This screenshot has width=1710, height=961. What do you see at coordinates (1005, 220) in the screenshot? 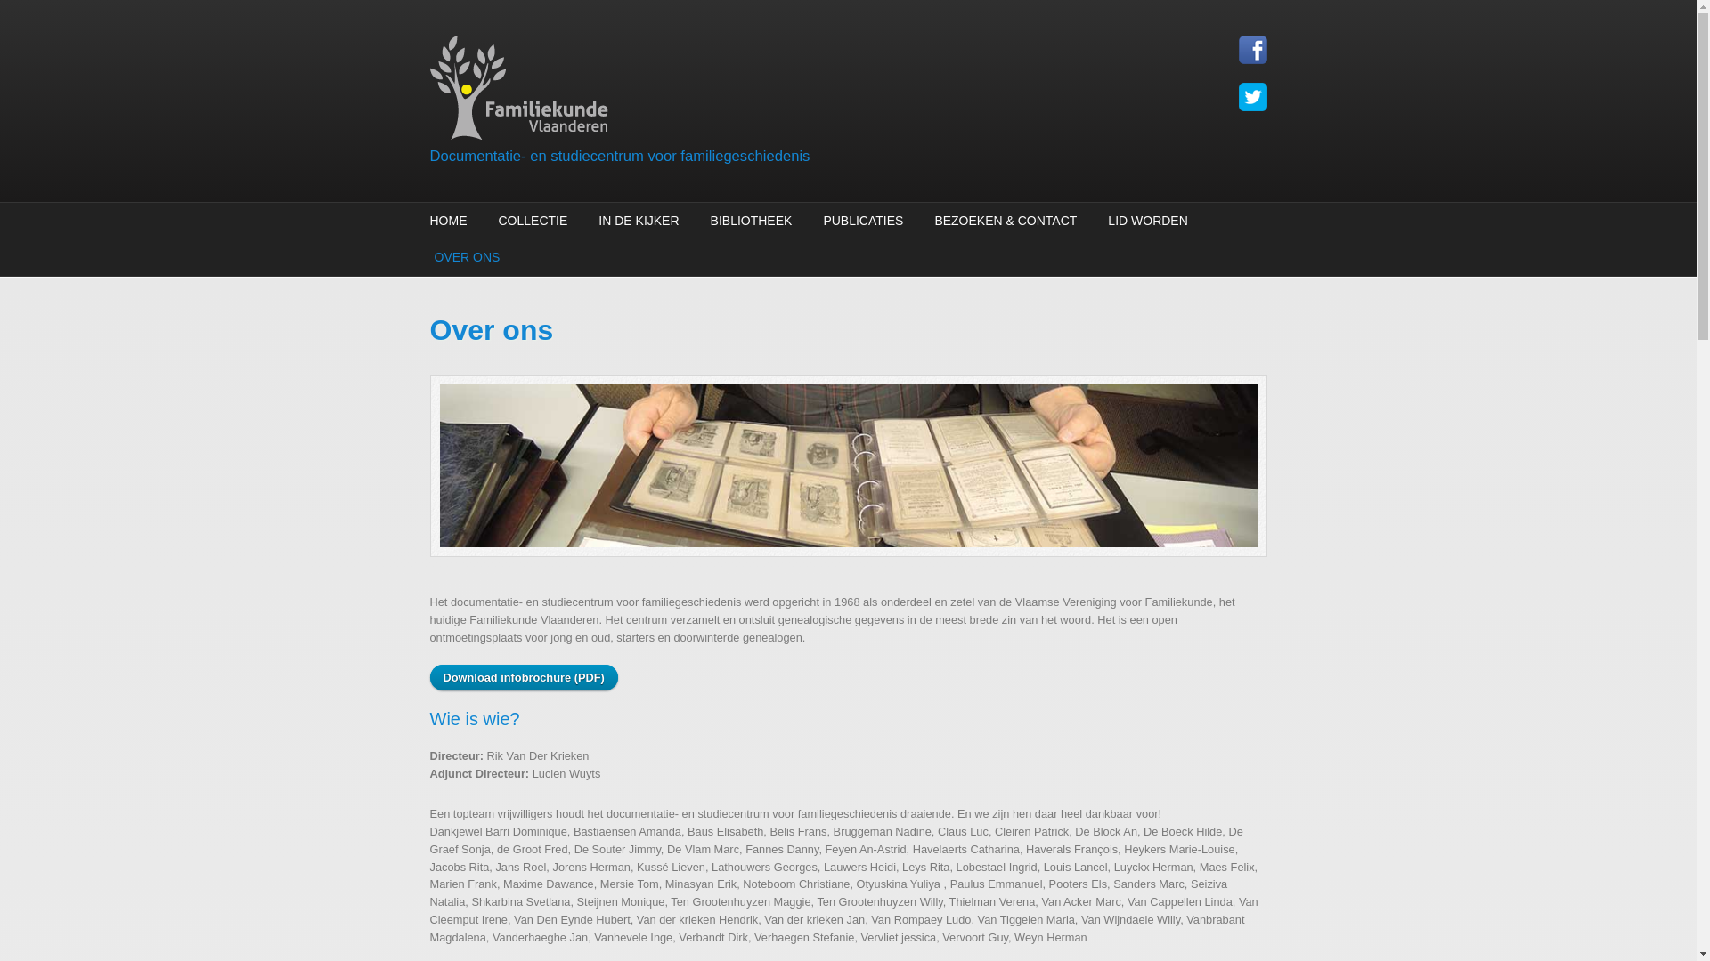
I see `'BEZOEKEN & CONTACT'` at bounding box center [1005, 220].